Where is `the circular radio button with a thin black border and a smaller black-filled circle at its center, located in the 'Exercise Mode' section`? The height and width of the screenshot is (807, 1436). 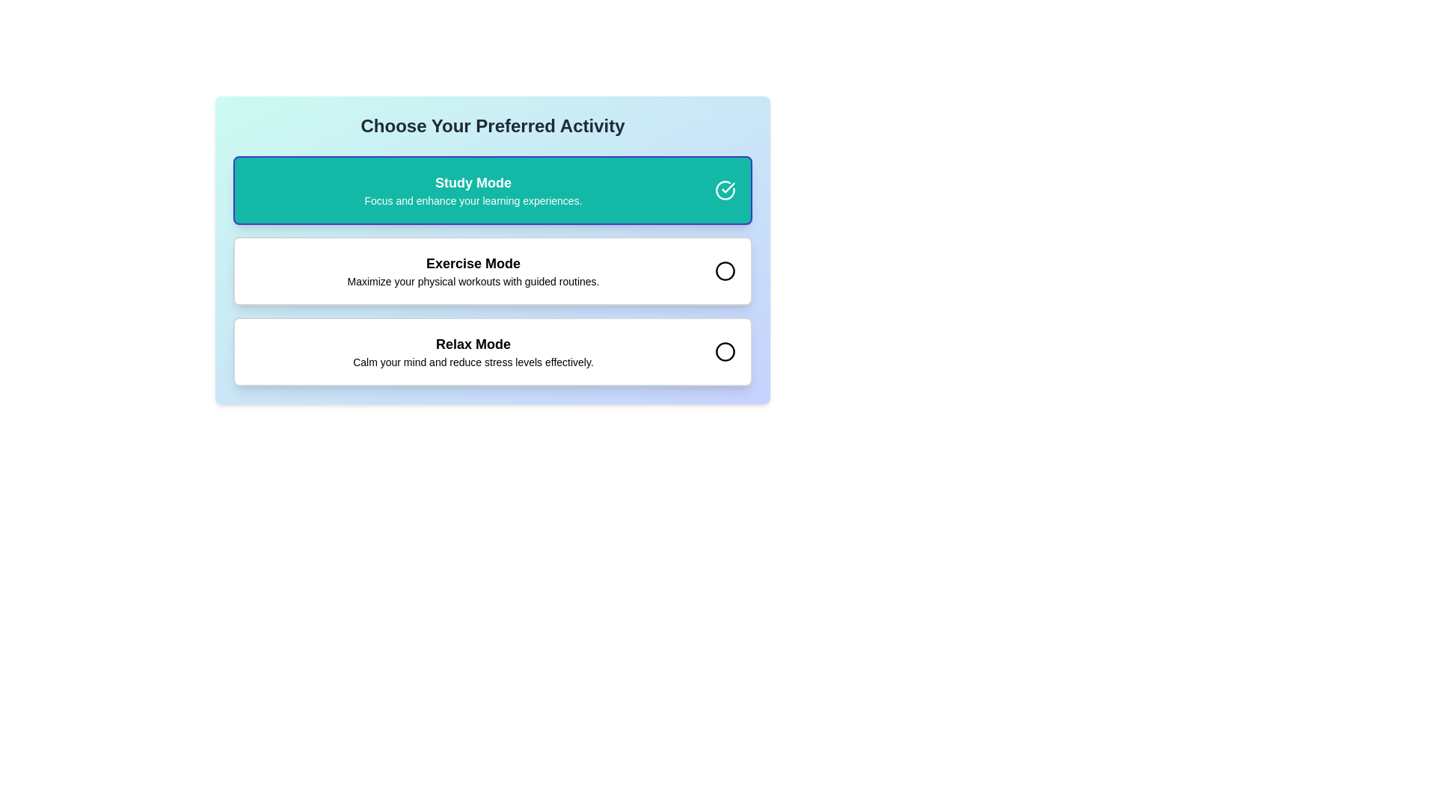 the circular radio button with a thin black border and a smaller black-filled circle at its center, located in the 'Exercise Mode' section is located at coordinates (725, 270).